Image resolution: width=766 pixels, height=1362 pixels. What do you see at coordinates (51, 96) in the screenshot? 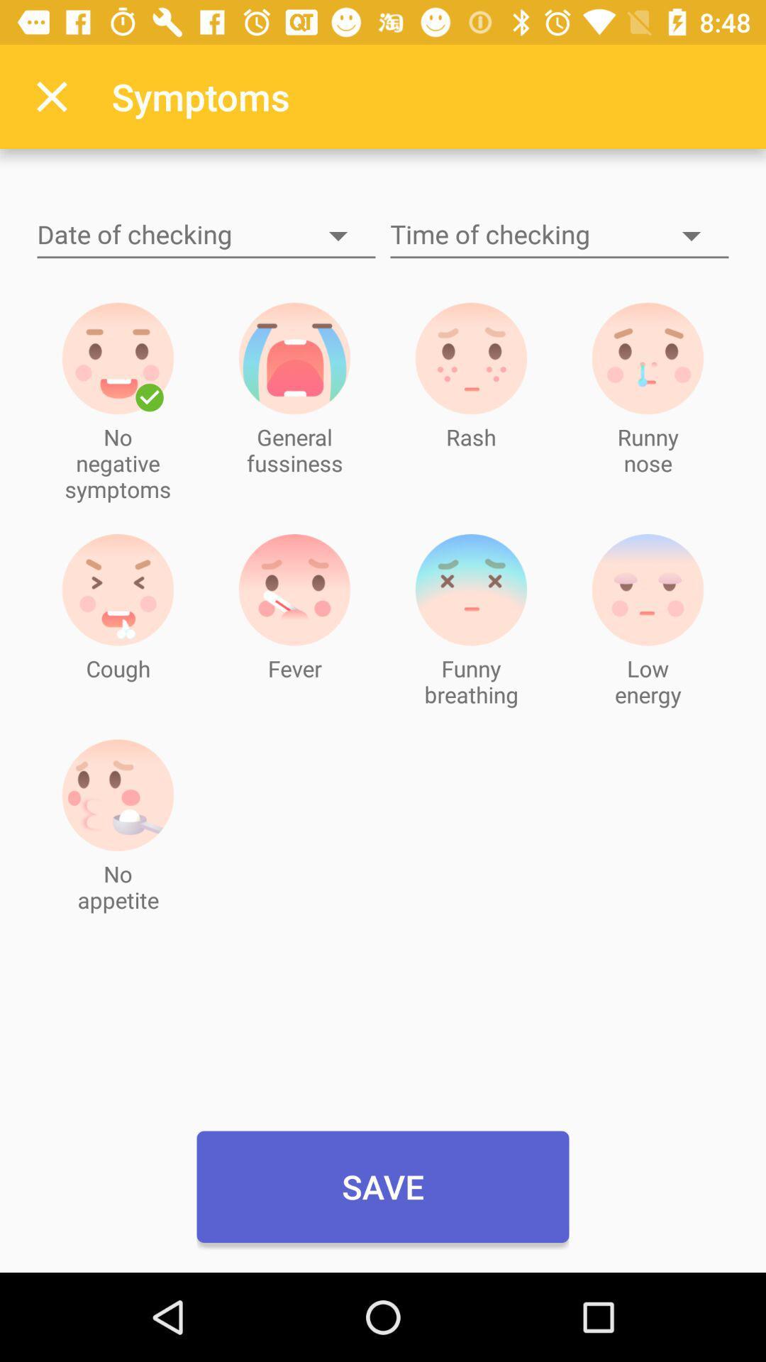
I see `item to the left of the symptoms app` at bounding box center [51, 96].